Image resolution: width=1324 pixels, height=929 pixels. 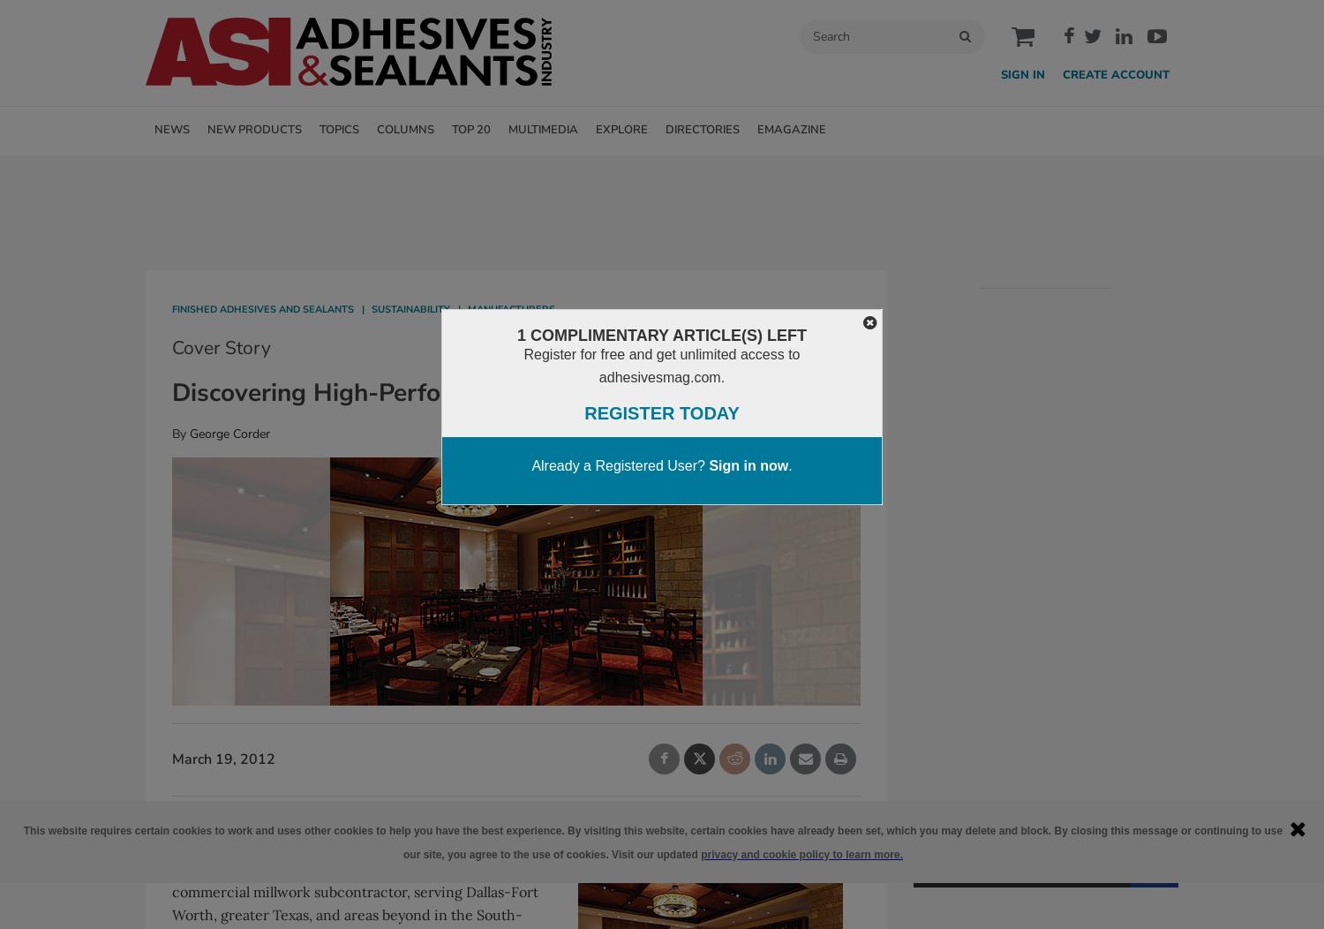 I want to click on 'privacy and cookie policy to learn more.', so click(x=801, y=853).